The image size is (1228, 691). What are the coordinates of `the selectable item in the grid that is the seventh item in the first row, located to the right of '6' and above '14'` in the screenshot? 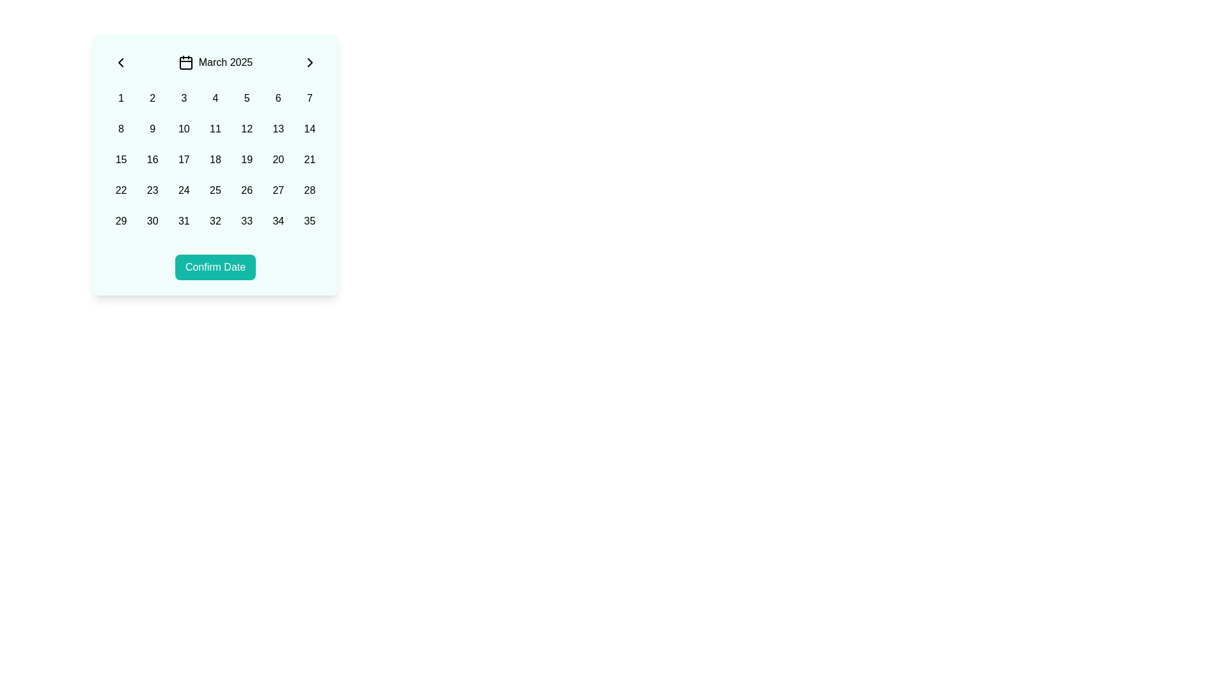 It's located at (310, 98).